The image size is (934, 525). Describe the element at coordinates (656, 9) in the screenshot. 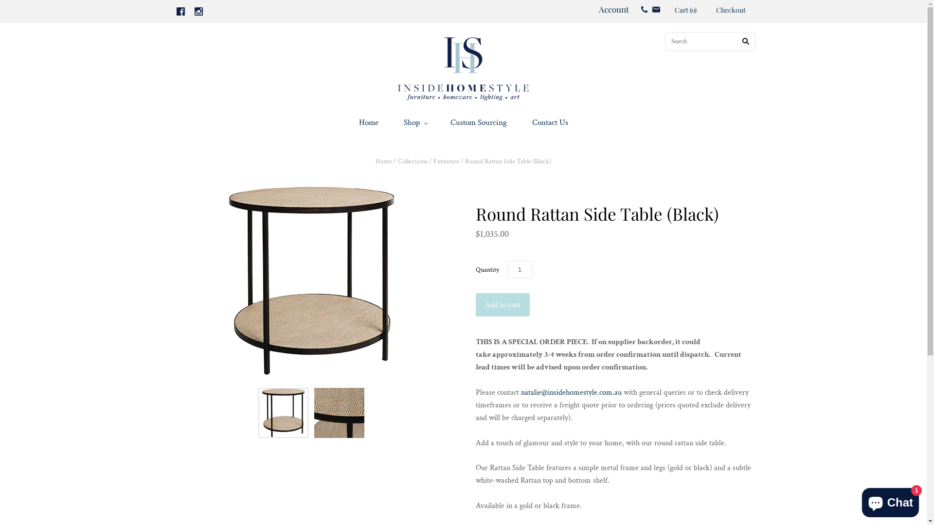

I see `'Email'` at that location.